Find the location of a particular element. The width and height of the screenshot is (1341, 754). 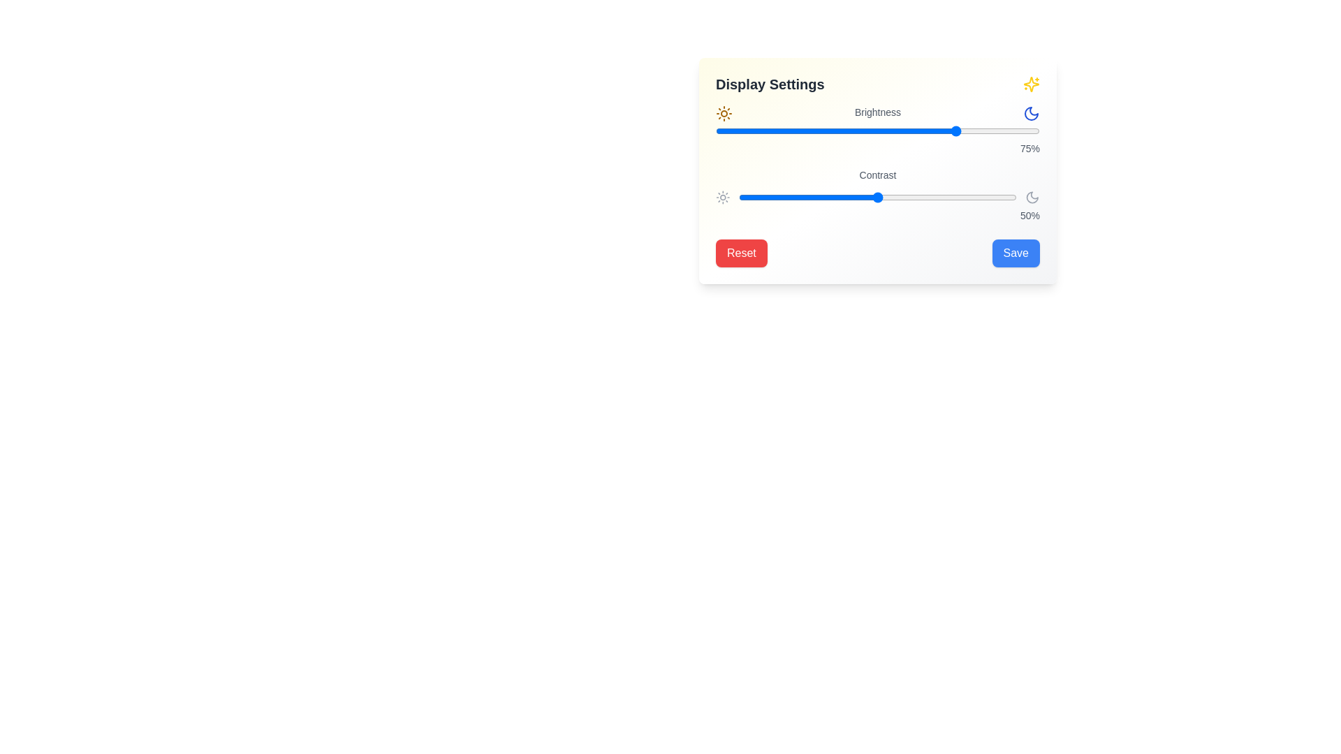

the contrast level is located at coordinates (936, 197).